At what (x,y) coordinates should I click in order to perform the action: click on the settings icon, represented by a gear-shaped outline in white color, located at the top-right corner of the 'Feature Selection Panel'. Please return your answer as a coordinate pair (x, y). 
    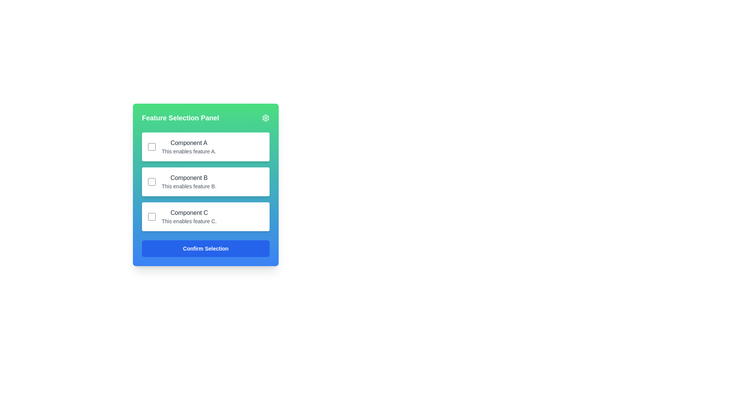
    Looking at the image, I should click on (266, 118).